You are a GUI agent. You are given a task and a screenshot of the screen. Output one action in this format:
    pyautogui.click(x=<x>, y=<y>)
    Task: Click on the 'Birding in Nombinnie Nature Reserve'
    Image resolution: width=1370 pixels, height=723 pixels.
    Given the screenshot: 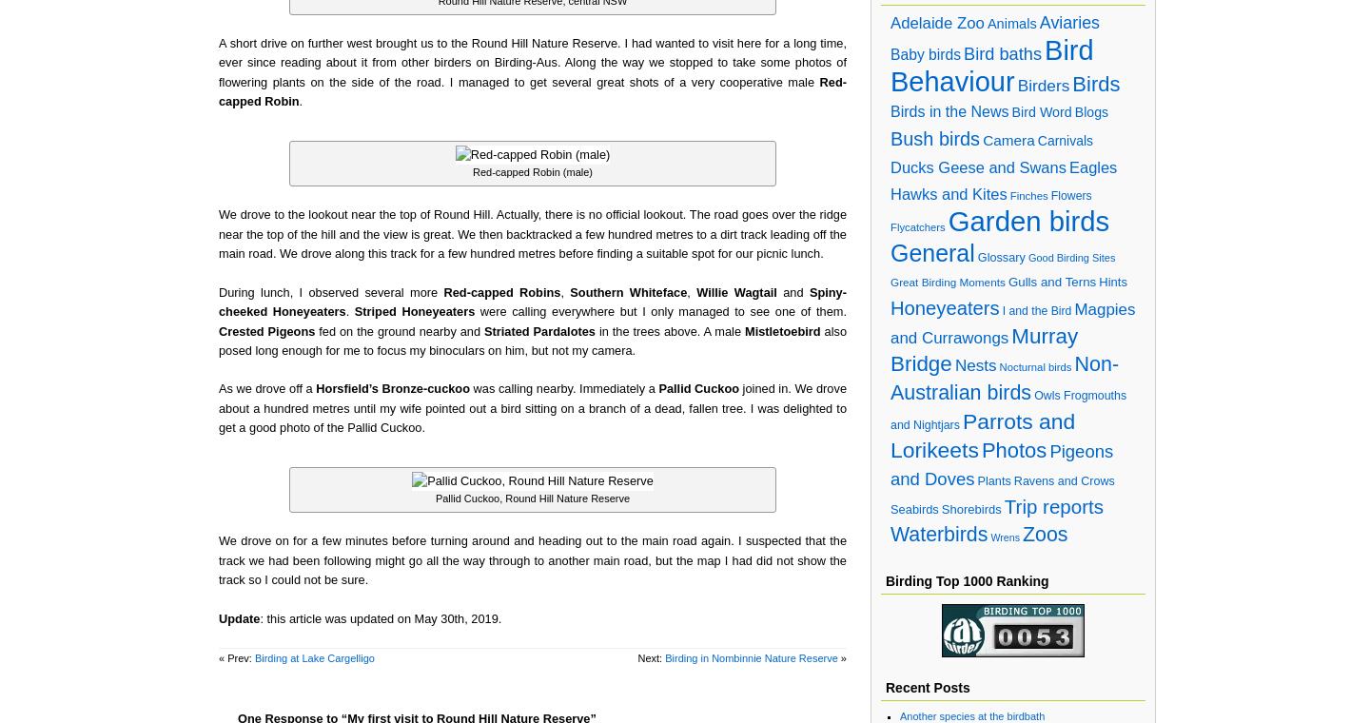 What is the action you would take?
    pyautogui.click(x=751, y=657)
    